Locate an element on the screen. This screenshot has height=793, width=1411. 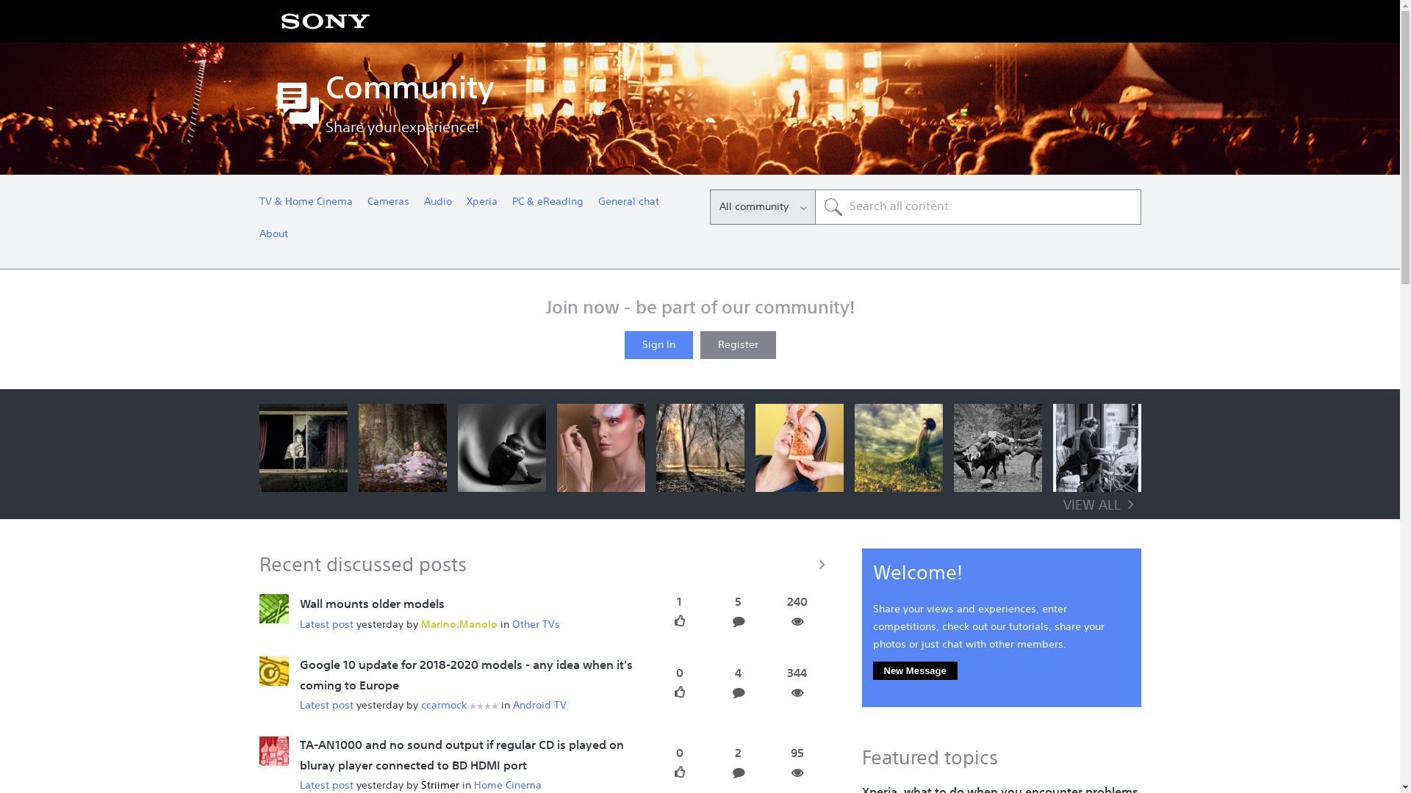
'Striimer' is located at coordinates (439, 784).